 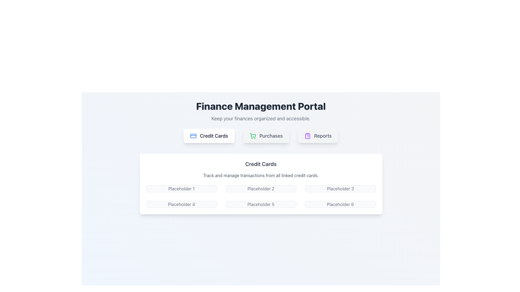 What do you see at coordinates (181, 204) in the screenshot?
I see `the visual placeholder with a light gray background, rounded corners, and centered text reading 'Placeholder 4', located at the bottom row of the grid as the first item` at bounding box center [181, 204].